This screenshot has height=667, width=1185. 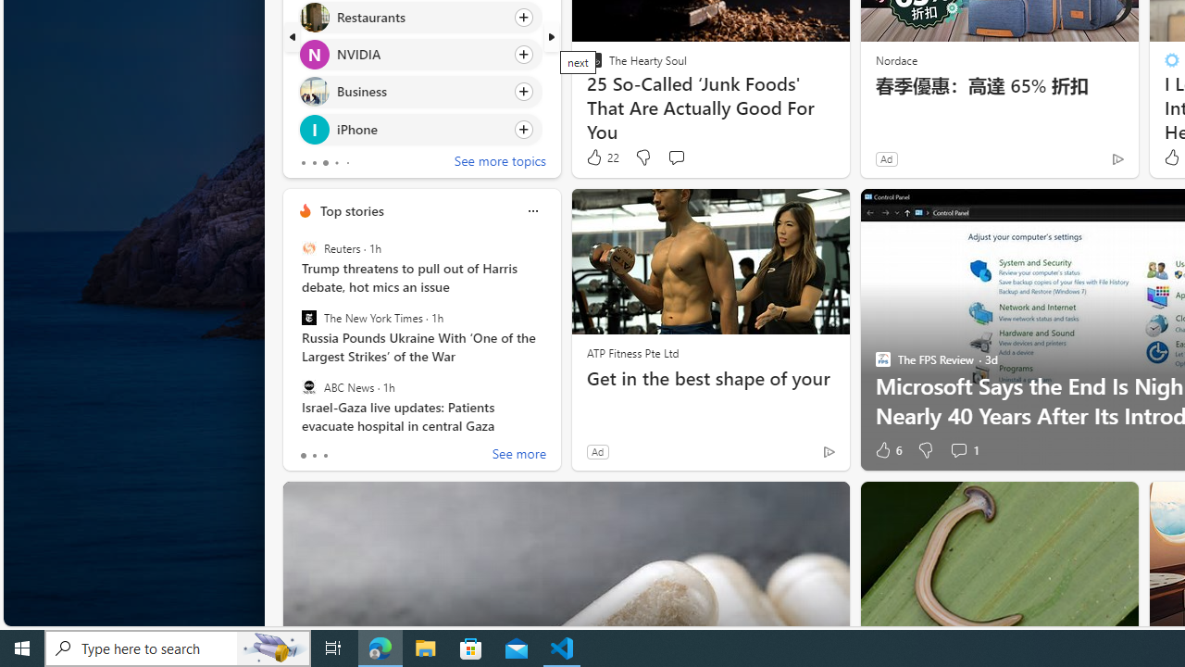 I want to click on 'tab-3', so click(x=336, y=162).